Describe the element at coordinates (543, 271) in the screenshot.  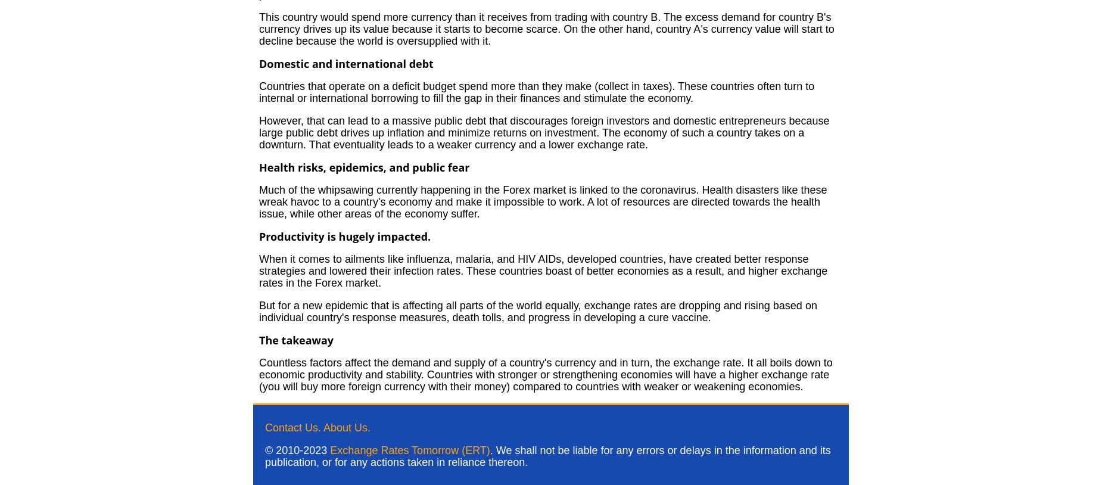
I see `'When it comes to ailments like influenza, malaria, and HIV AIDs, developed countries, have created better response strategies and lowered their infection rates. These countries boast of better economies as a result, and higher exchange rates in the Forex market.'` at that location.